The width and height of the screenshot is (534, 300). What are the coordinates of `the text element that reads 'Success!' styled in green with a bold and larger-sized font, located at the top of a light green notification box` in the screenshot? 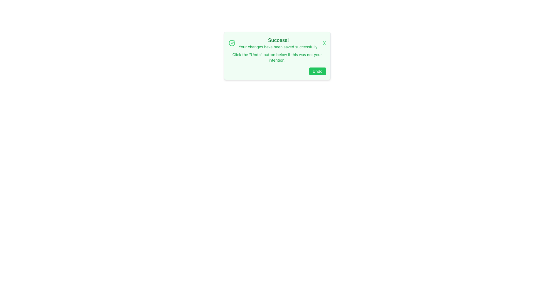 It's located at (278, 40).